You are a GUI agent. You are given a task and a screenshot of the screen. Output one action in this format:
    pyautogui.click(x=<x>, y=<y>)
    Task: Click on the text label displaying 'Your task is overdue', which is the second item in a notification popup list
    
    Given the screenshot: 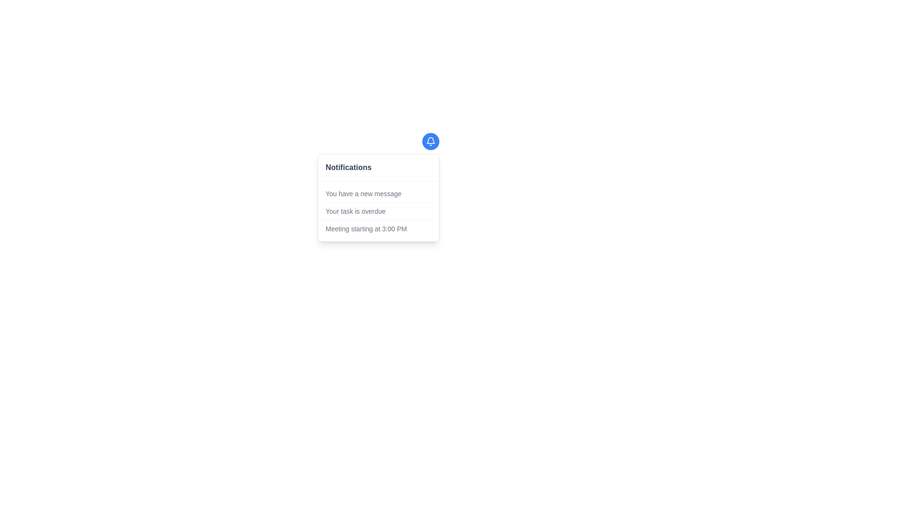 What is the action you would take?
    pyautogui.click(x=355, y=210)
    